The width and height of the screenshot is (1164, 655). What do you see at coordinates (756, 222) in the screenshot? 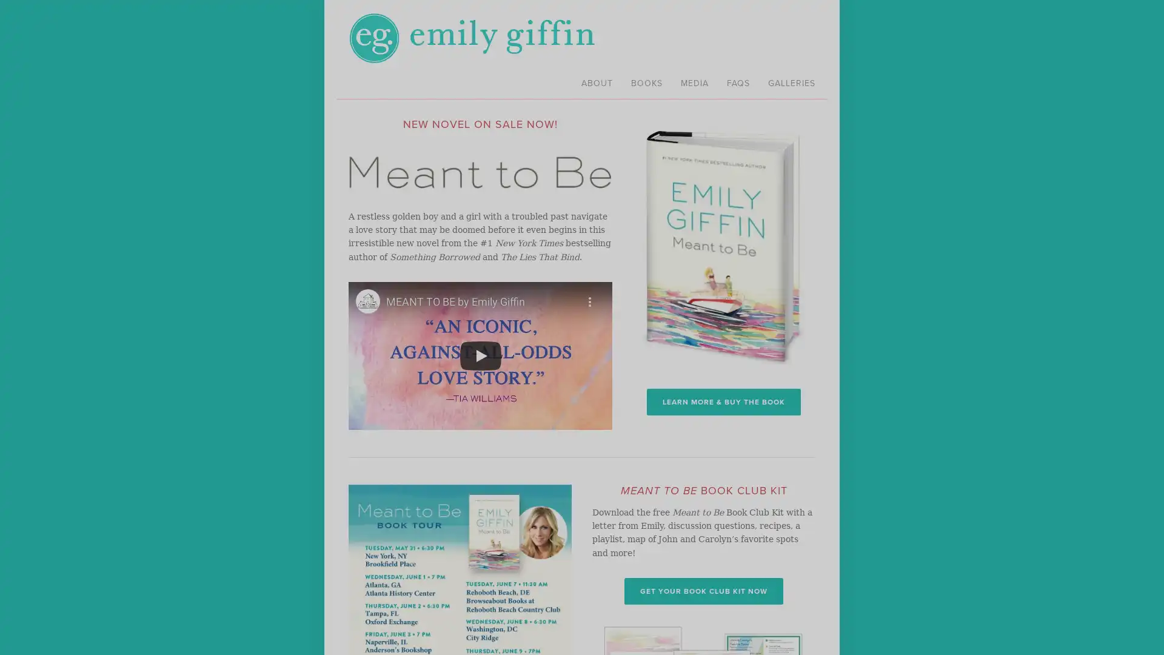
I see `Close` at bounding box center [756, 222].